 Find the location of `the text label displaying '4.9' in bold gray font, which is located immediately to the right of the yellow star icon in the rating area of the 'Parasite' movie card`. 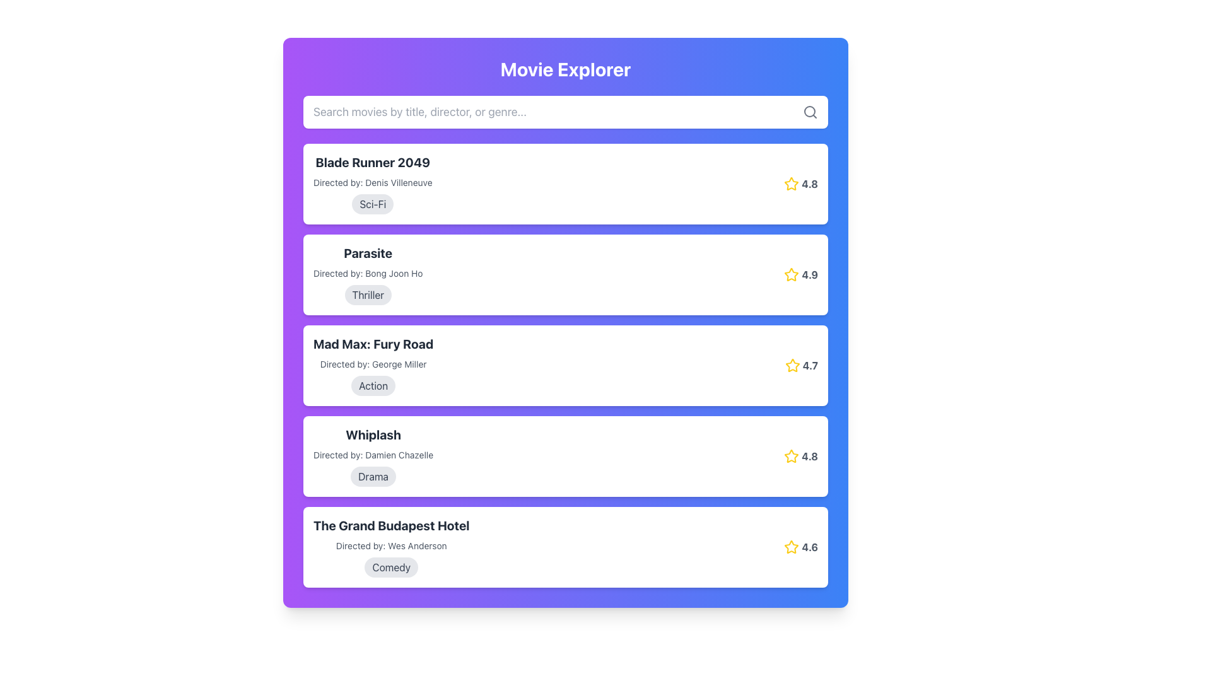

the text label displaying '4.9' in bold gray font, which is located immediately to the right of the yellow star icon in the rating area of the 'Parasite' movie card is located at coordinates (810, 274).